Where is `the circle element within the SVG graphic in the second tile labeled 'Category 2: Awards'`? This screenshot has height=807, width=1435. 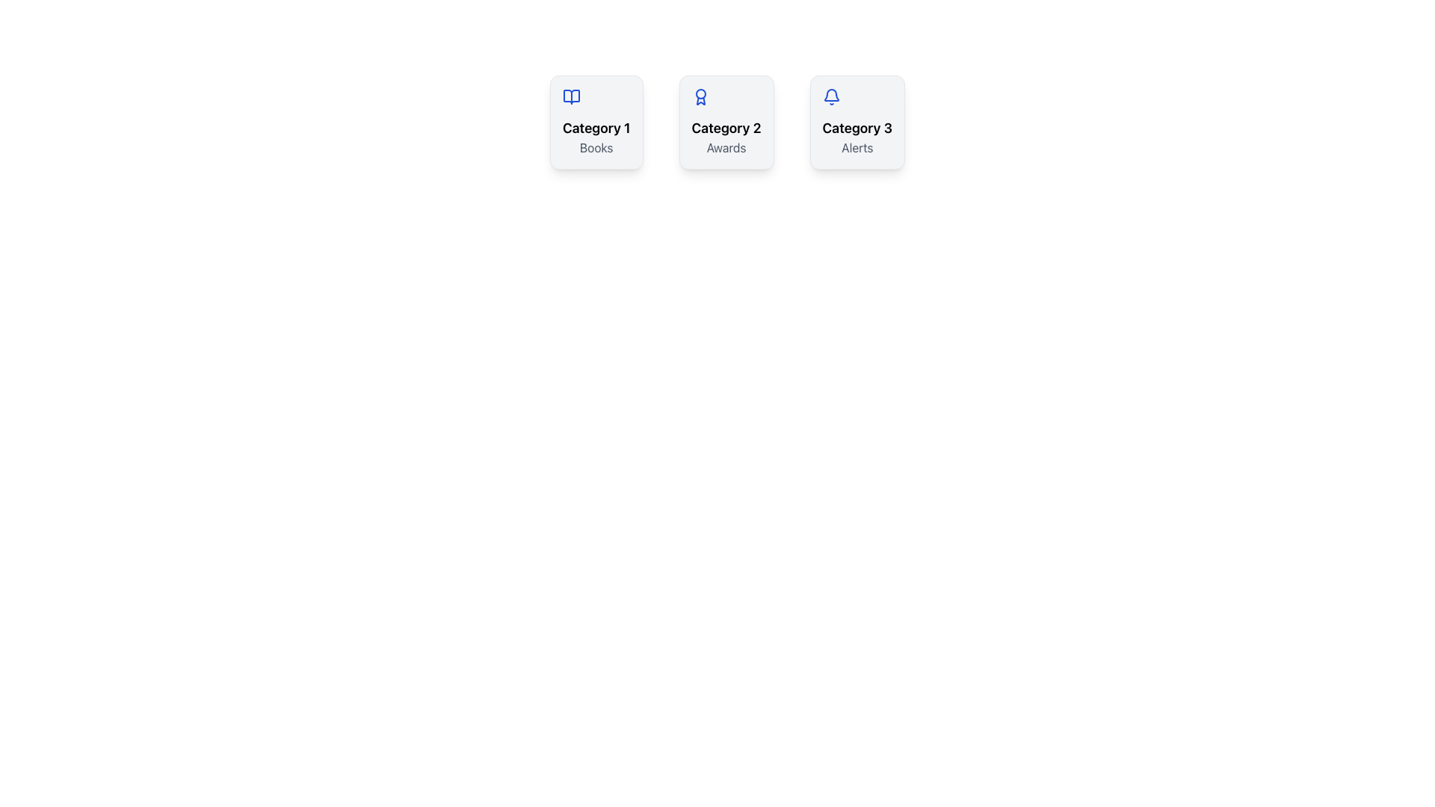
the circle element within the SVG graphic in the second tile labeled 'Category 2: Awards' is located at coordinates (700, 94).